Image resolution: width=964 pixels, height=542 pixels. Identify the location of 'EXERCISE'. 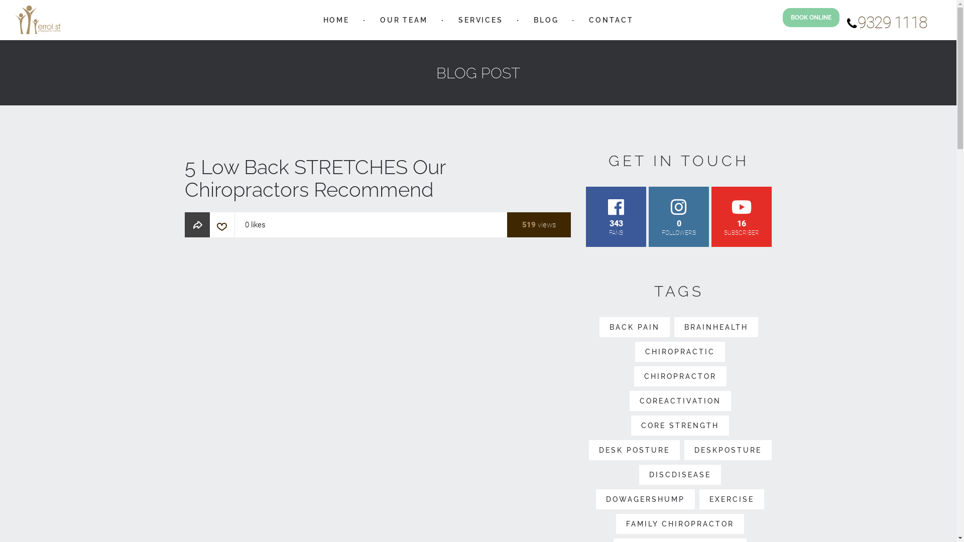
(732, 499).